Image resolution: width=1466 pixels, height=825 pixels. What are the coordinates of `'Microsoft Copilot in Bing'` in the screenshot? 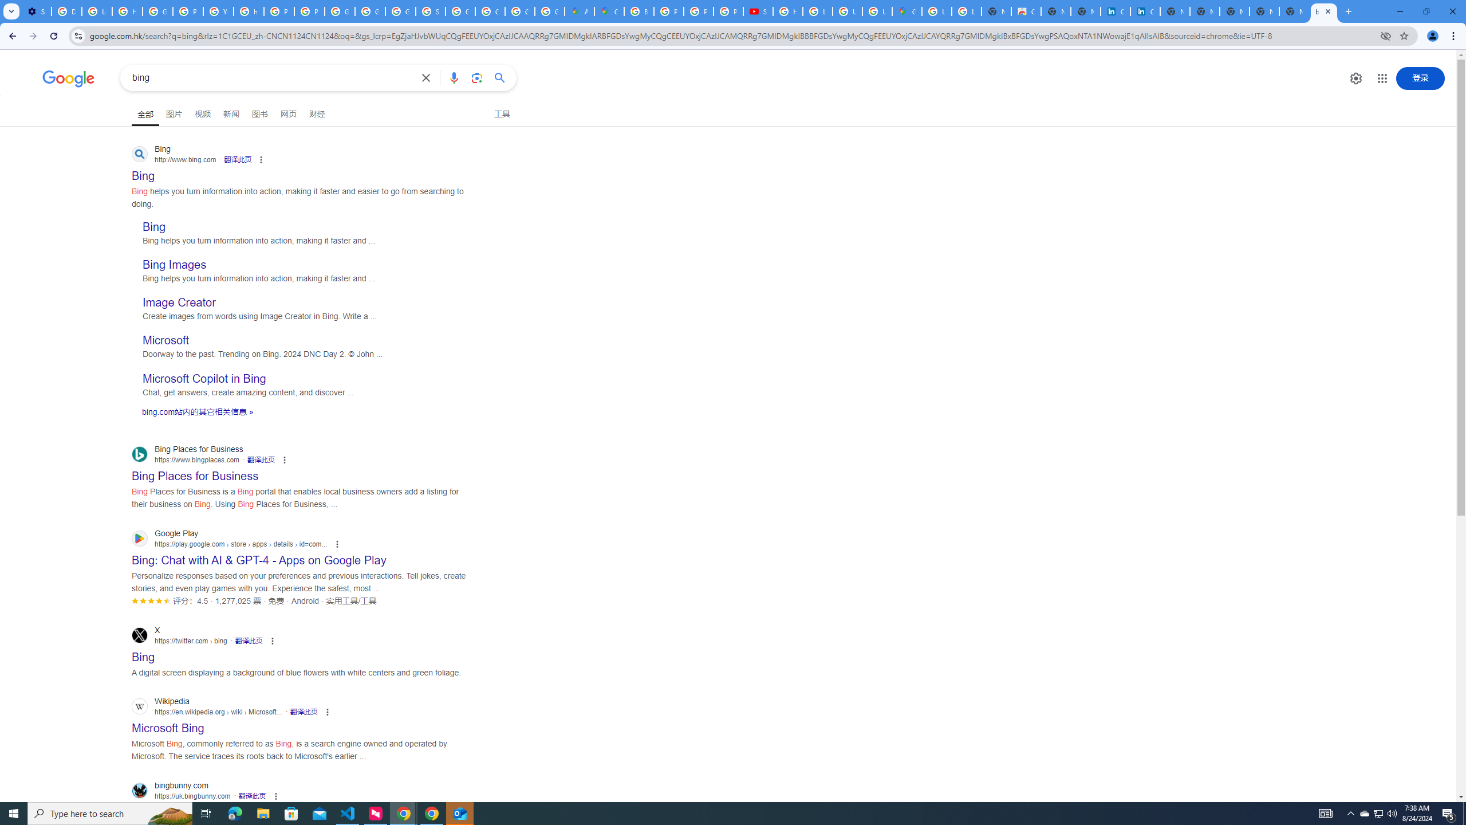 It's located at (204, 378).